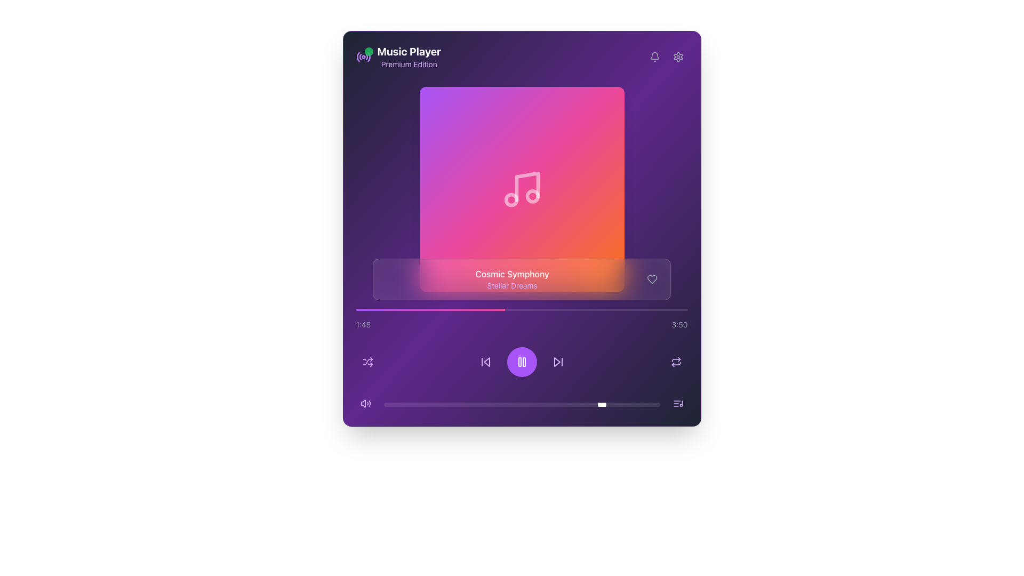 This screenshot has width=1024, height=576. What do you see at coordinates (522, 188) in the screenshot?
I see `the Visual display box (album cover placeholder) which is a square-shaped component with a vibrant gradient background and a musical note icon, located centrally below the 'Music Player Premium Edition' heading` at bounding box center [522, 188].